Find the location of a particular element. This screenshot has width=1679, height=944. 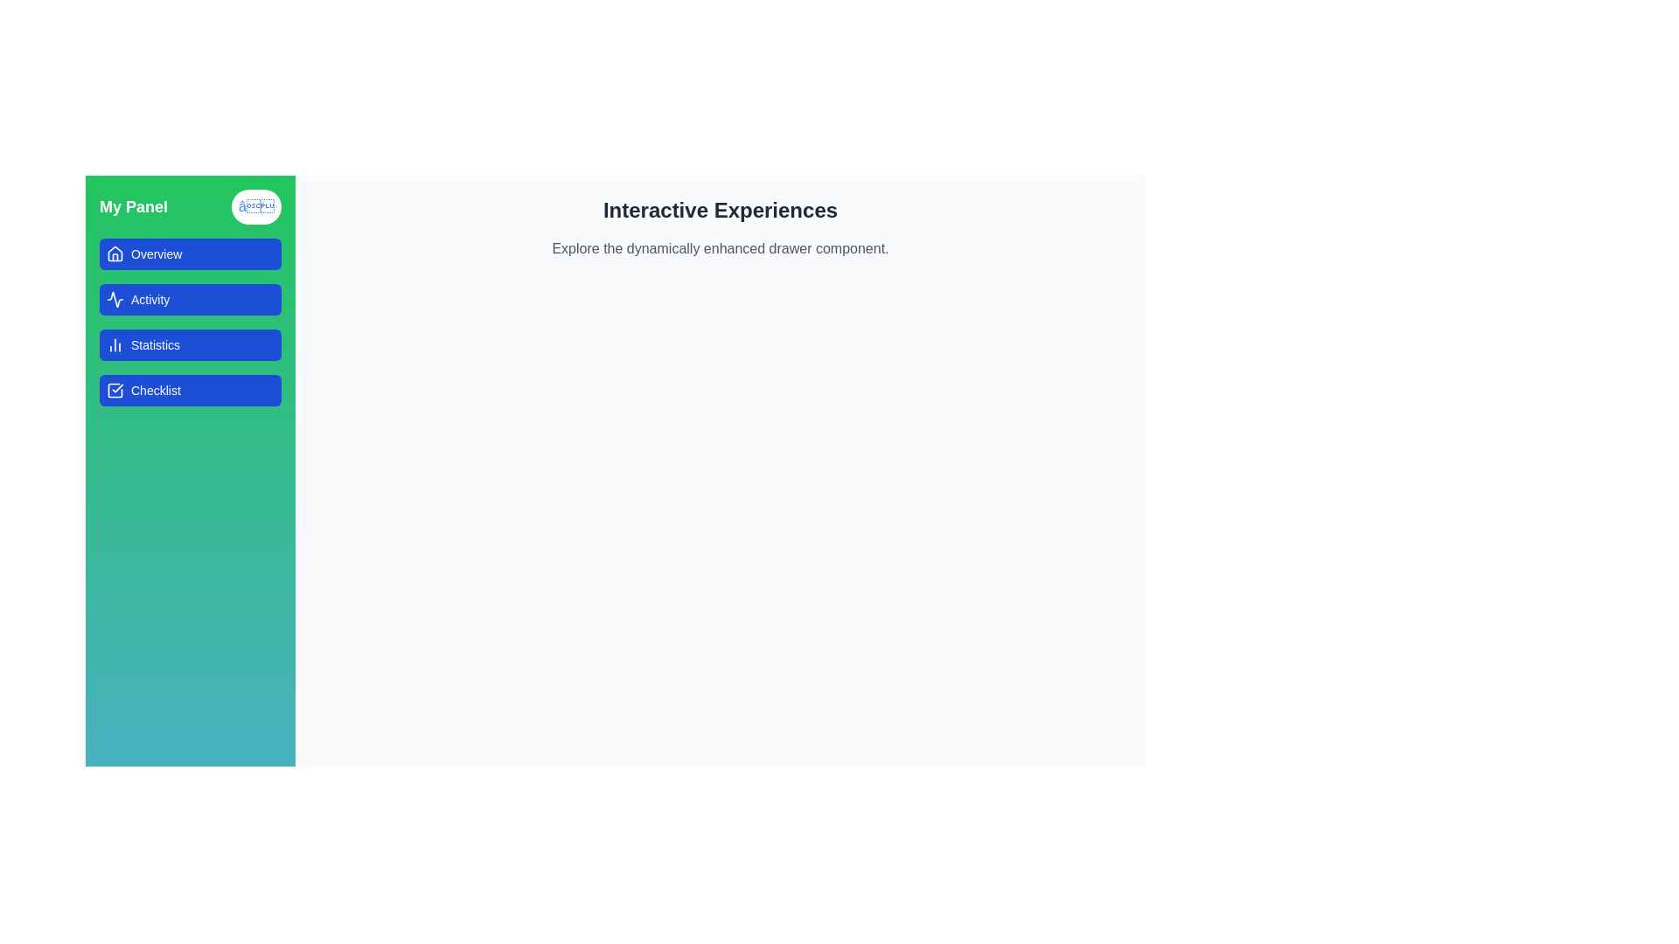

the 'Checklist' text label located in the vertical navigation menu on the left-hand side, positioned to the right of the square checkbox icon is located at coordinates (156, 390).